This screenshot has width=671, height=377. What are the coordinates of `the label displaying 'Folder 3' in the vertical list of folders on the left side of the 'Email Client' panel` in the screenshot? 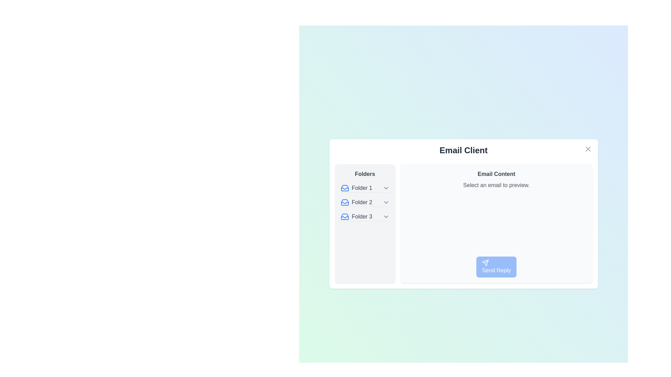 It's located at (362, 216).